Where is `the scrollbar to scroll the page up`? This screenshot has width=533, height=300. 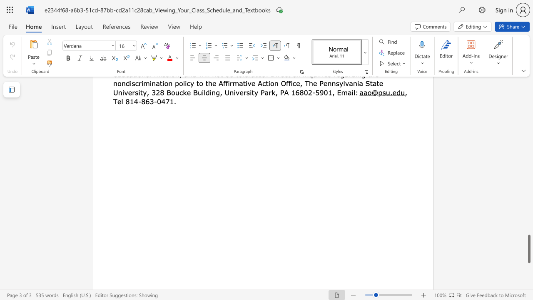
the scrollbar to scroll the page up is located at coordinates (528, 150).